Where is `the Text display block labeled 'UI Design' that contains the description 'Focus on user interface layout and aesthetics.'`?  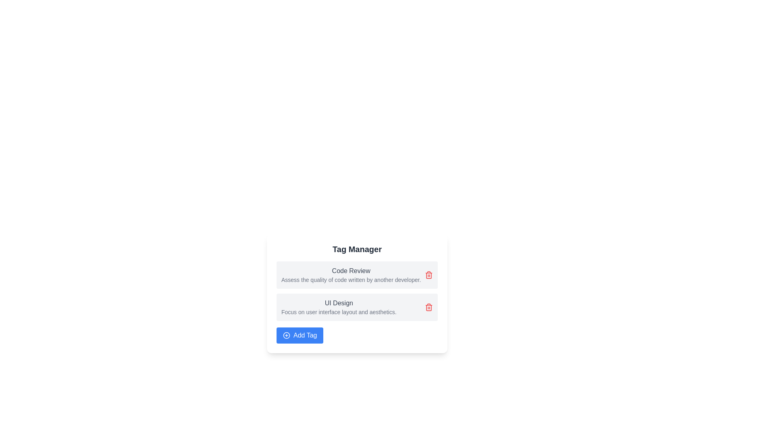
the Text display block labeled 'UI Design' that contains the description 'Focus on user interface layout and aesthetics.' is located at coordinates (339, 307).